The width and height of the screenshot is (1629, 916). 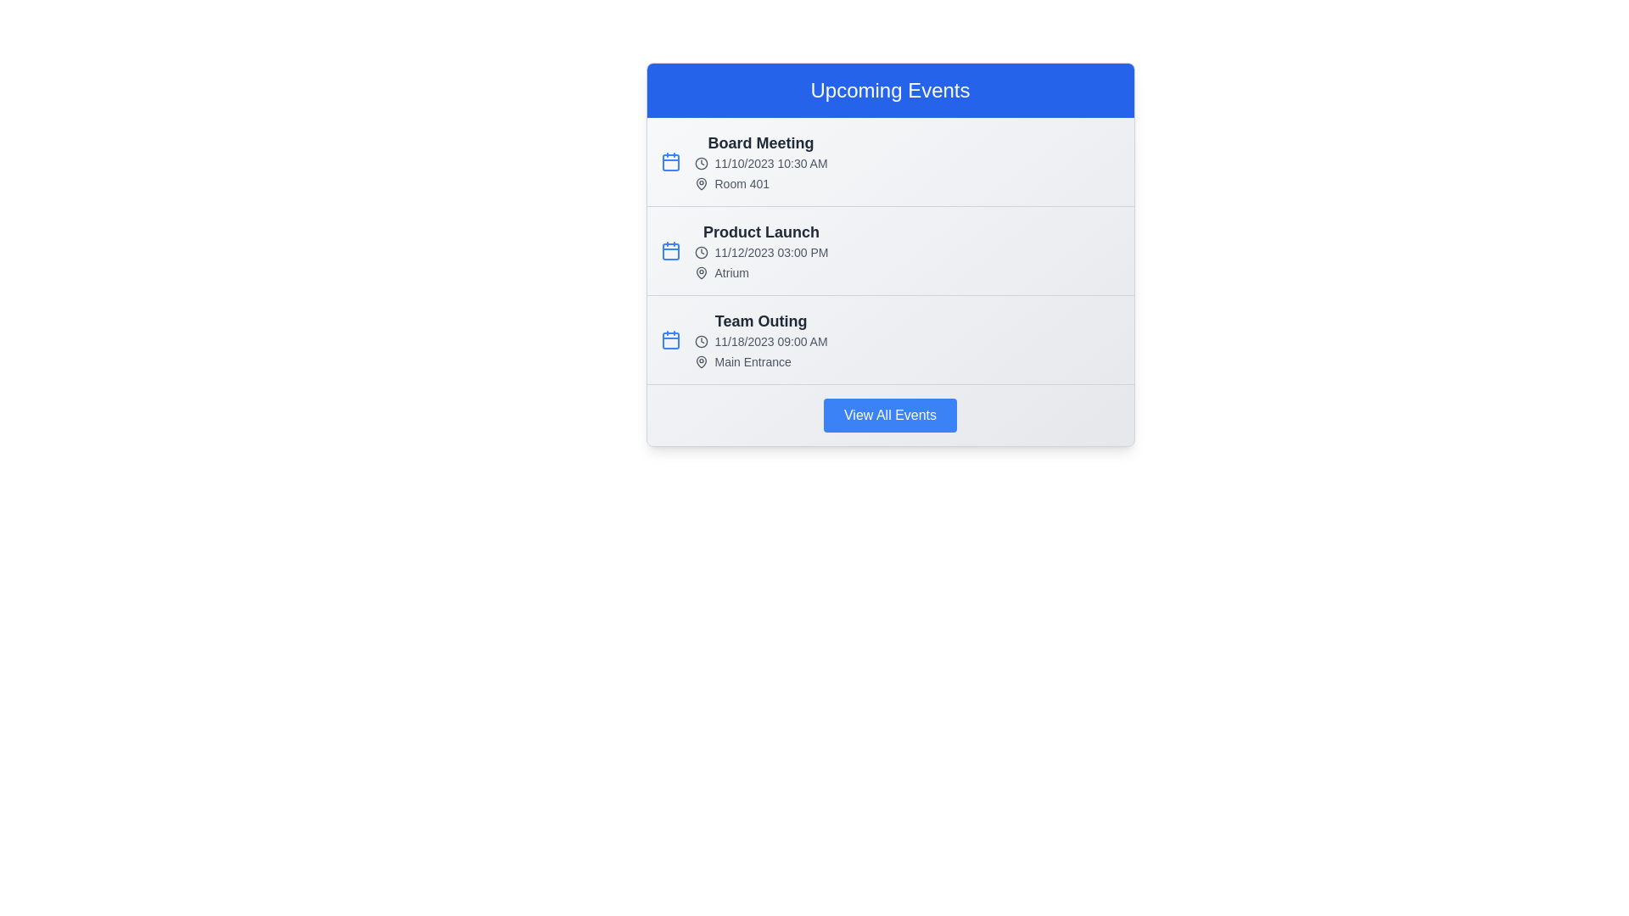 What do you see at coordinates (701, 183) in the screenshot?
I see `the icon that visually indicates the location of 'Room 401', positioned to the left of the text` at bounding box center [701, 183].